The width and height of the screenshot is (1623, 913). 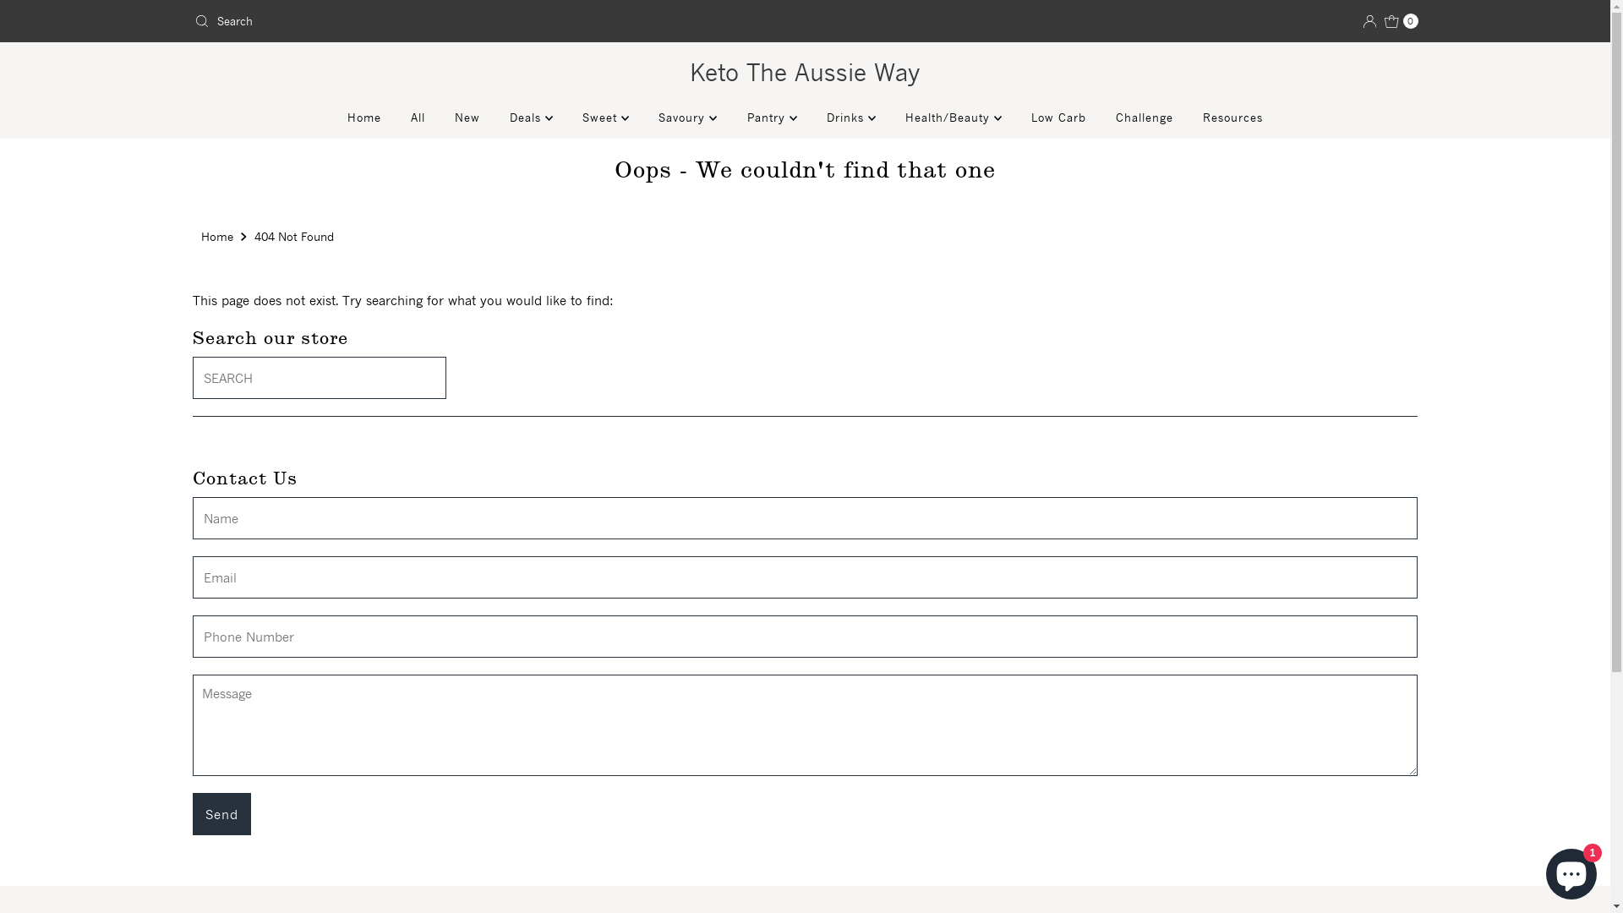 What do you see at coordinates (1144, 116) in the screenshot?
I see `'Challenge'` at bounding box center [1144, 116].